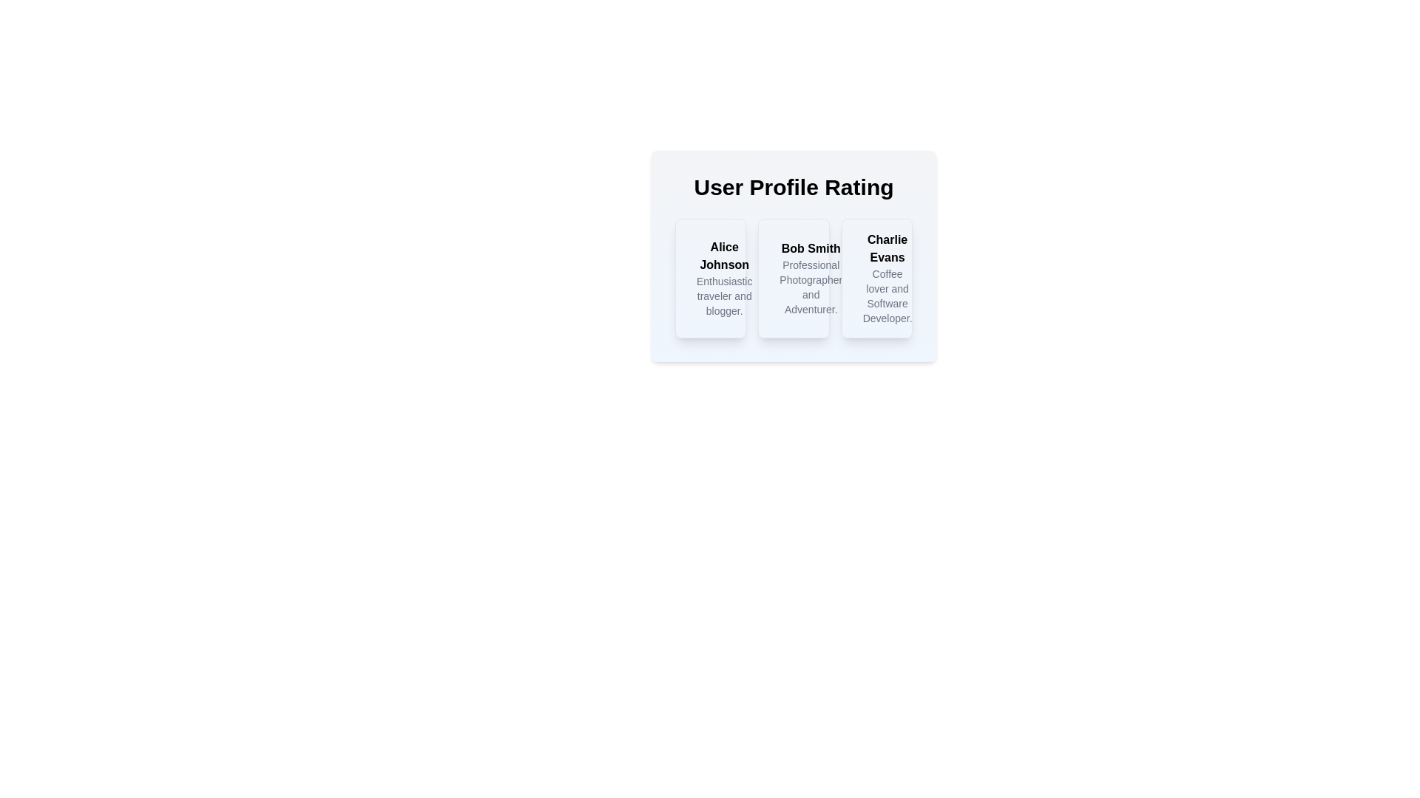 The height and width of the screenshot is (798, 1420). What do you see at coordinates (876, 279) in the screenshot?
I see `the Profile Information Display located within the third card from the left under the 'User Profile Rating' heading for interaction` at bounding box center [876, 279].